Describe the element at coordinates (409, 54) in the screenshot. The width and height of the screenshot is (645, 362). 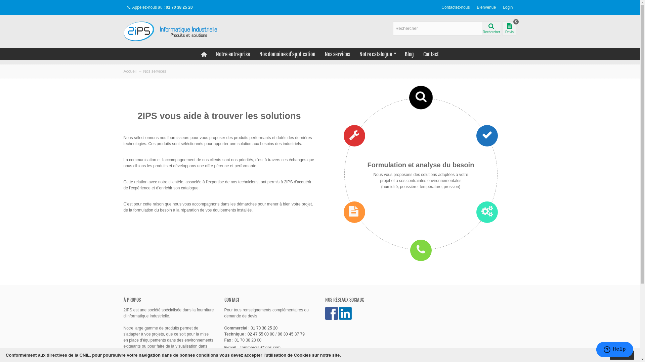
I see `'Blog'` at that location.